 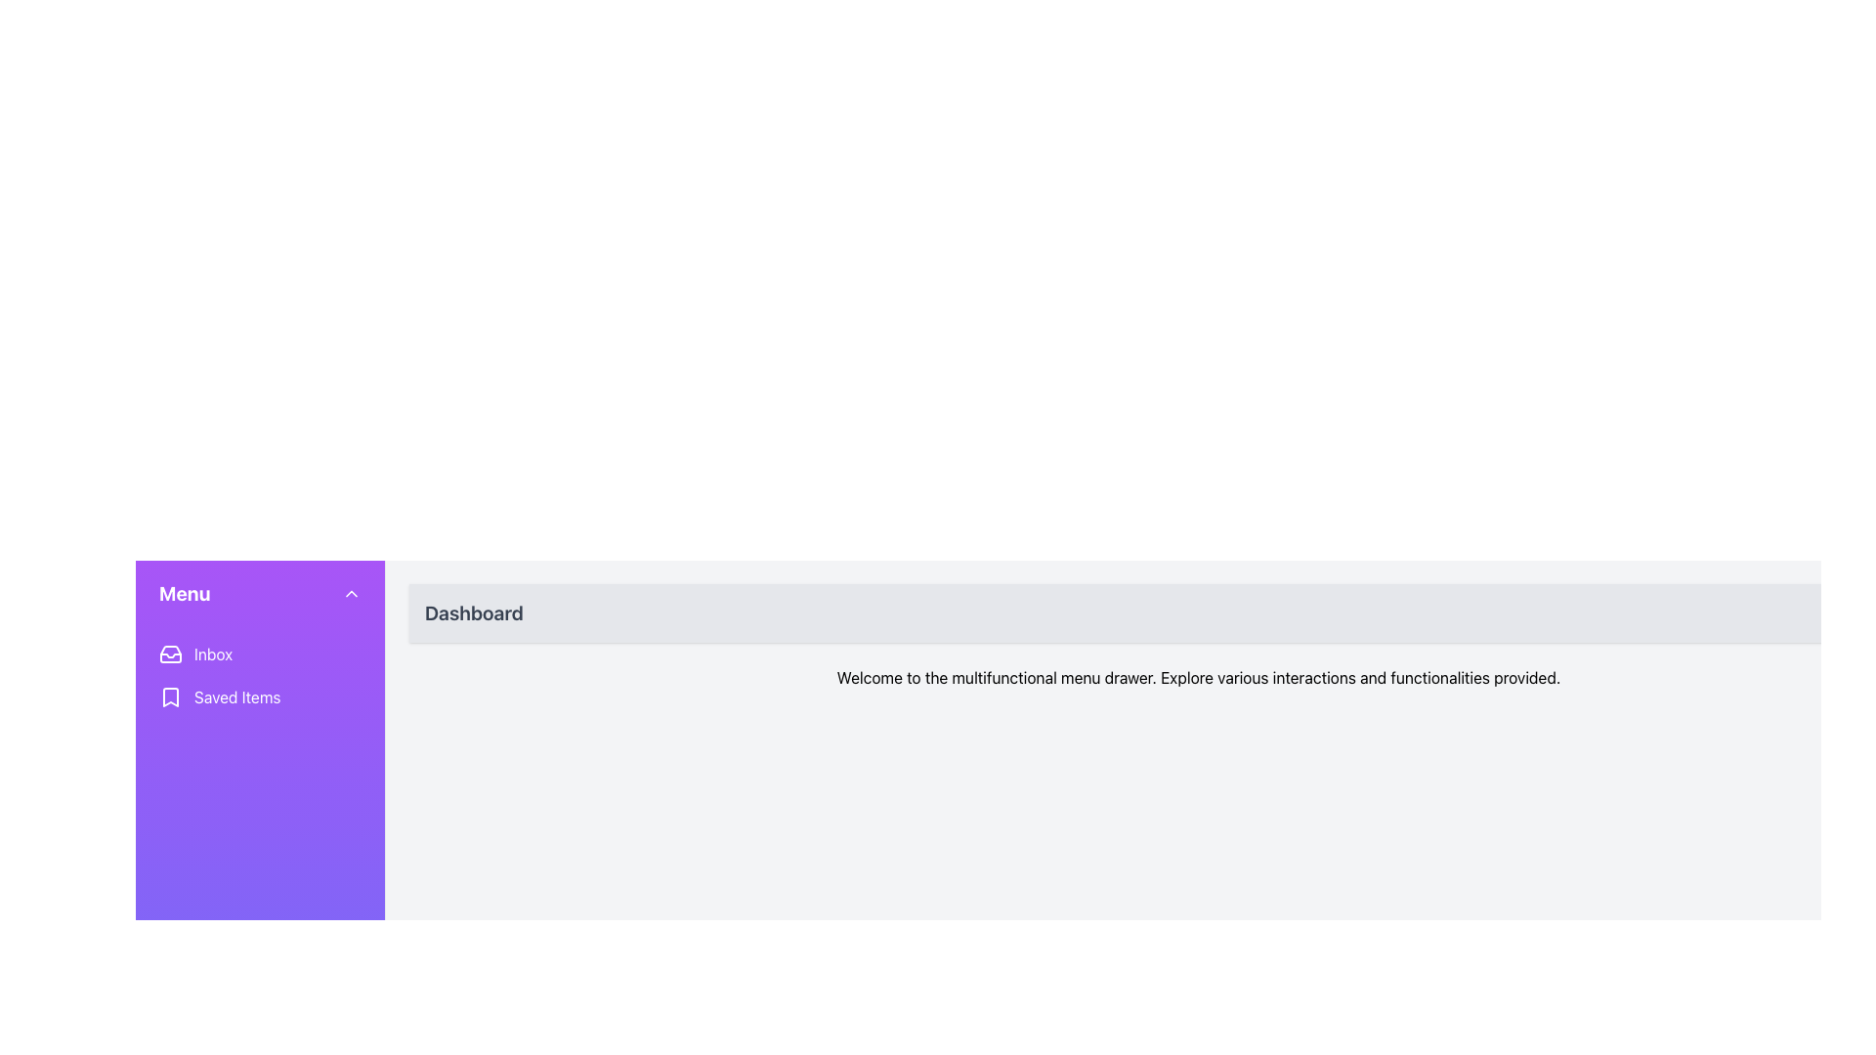 What do you see at coordinates (170, 655) in the screenshot?
I see `the Polygonal vector graphic element representing the inbox icon located in the left sidebar menu, adjacent to the 'Inbox' label` at bounding box center [170, 655].